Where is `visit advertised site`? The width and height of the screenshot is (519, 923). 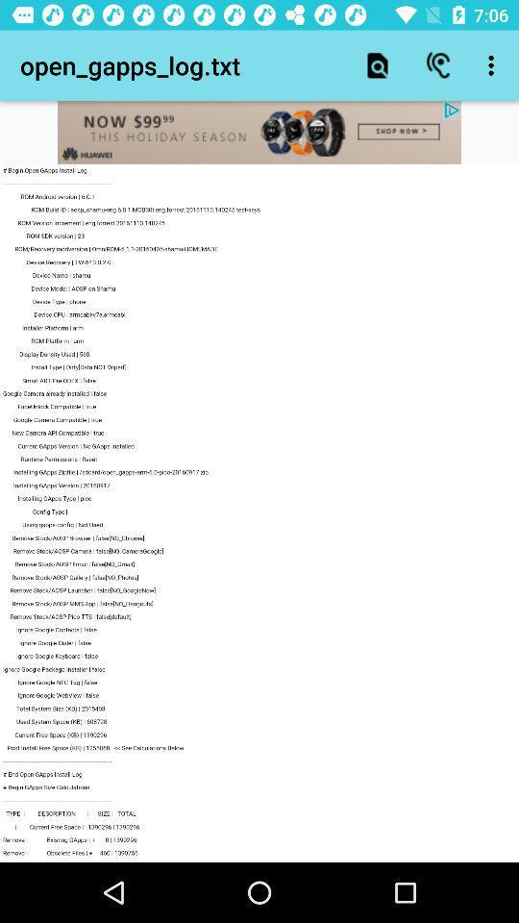 visit advertised site is located at coordinates (259, 131).